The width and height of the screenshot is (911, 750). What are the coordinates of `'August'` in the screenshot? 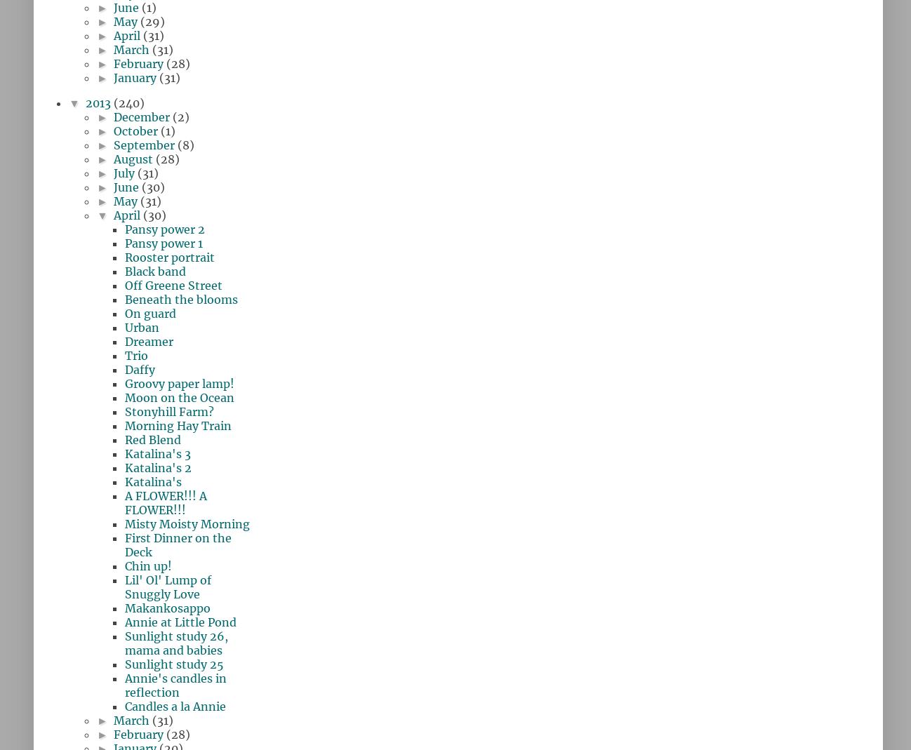 It's located at (133, 158).